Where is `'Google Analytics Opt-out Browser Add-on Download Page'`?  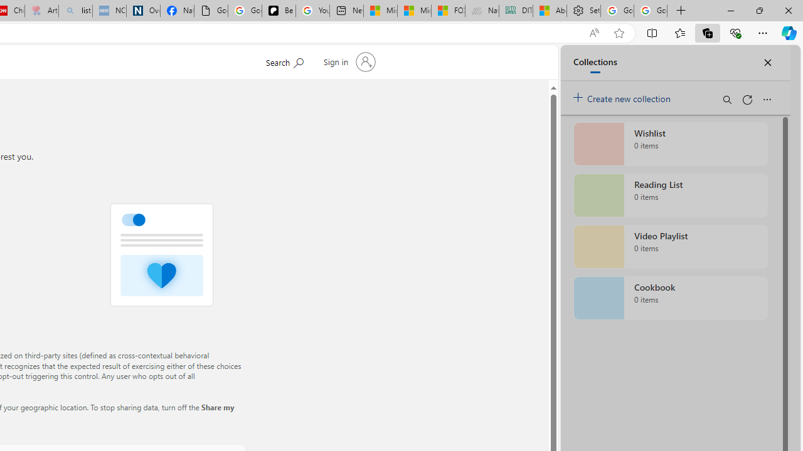 'Google Analytics Opt-out Browser Add-on Download Page' is located at coordinates (211, 11).